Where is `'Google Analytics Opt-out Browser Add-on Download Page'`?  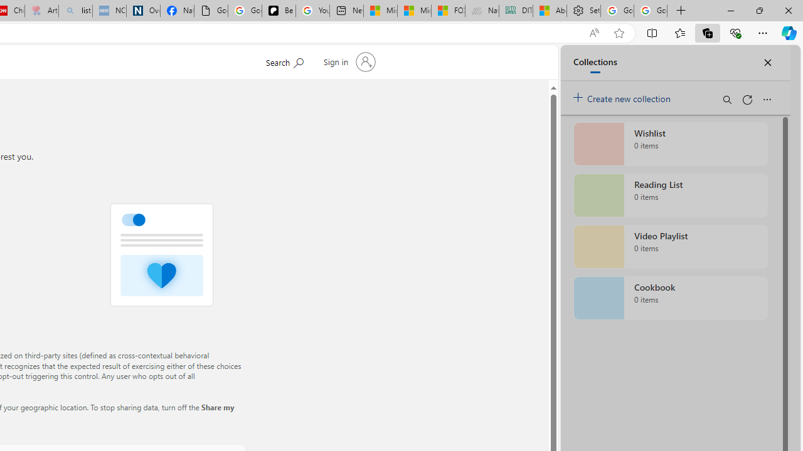 'Google Analytics Opt-out Browser Add-on Download Page' is located at coordinates (211, 11).